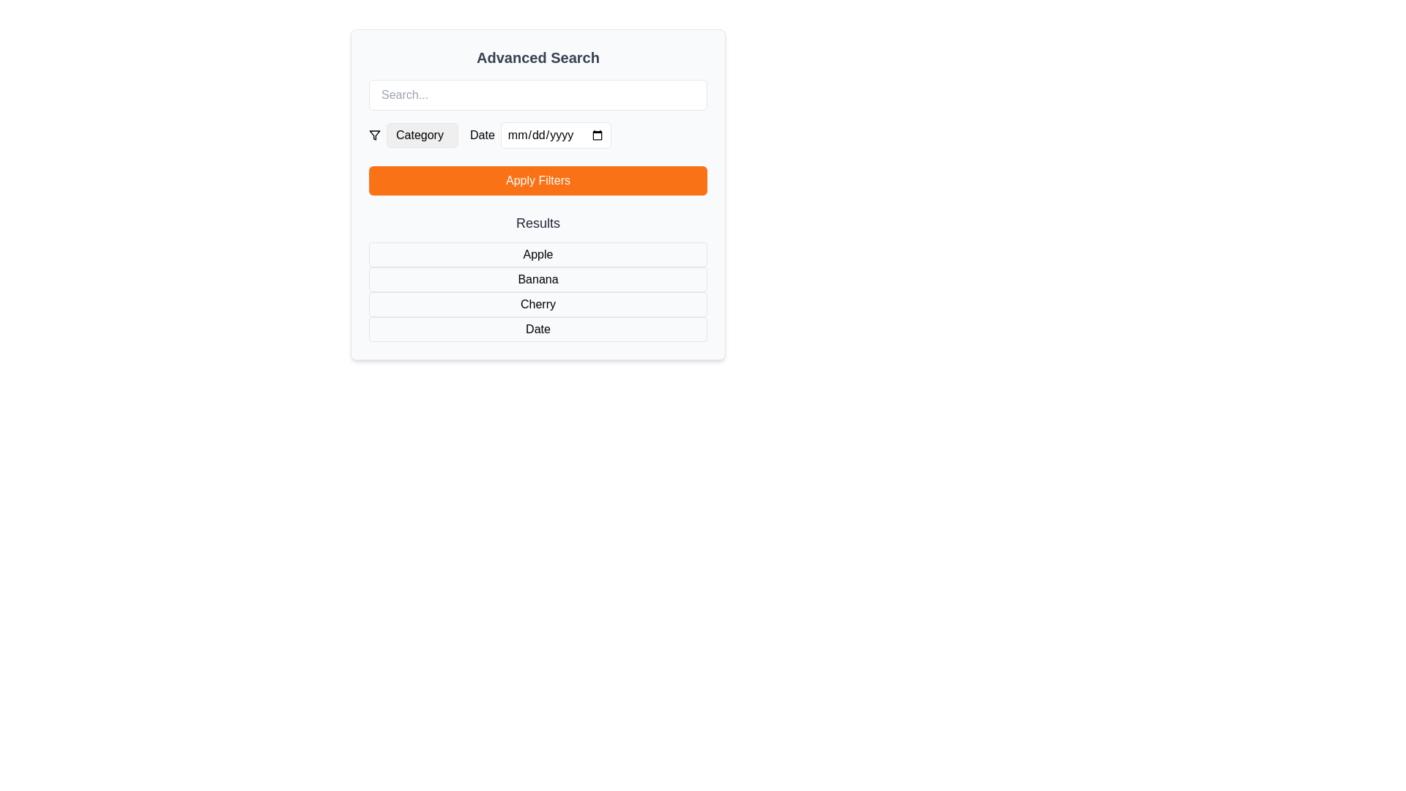 This screenshot has width=1406, height=791. Describe the element at coordinates (537, 253) in the screenshot. I see `the topmost Text Display Box in the 'Results' category, which displays a result or selectable option` at that location.